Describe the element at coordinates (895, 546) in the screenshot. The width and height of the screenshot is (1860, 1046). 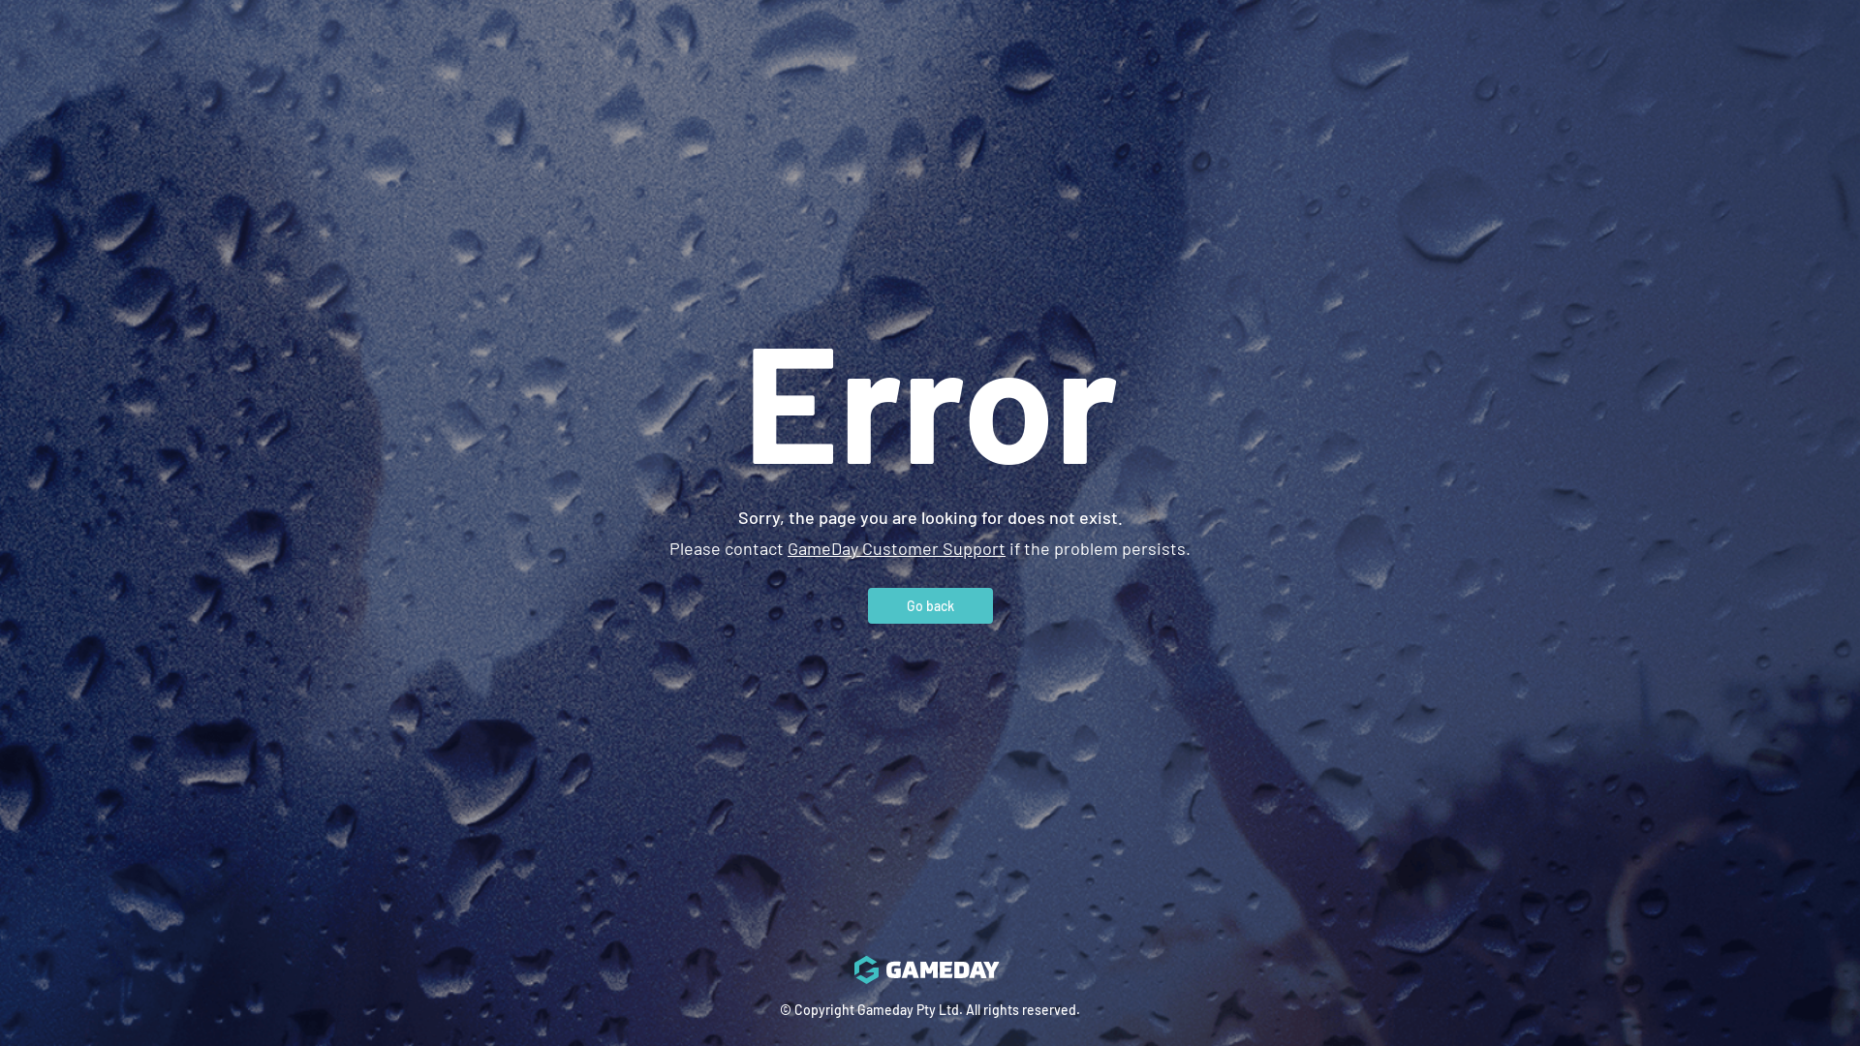
I see `'GameDay Customer Support'` at that location.